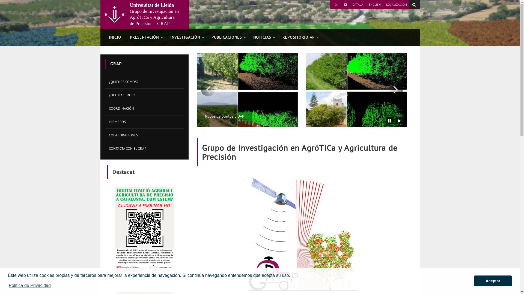 The height and width of the screenshot is (294, 524). What do you see at coordinates (299, 37) in the screenshot?
I see `'REPOSITORIO AP` at bounding box center [299, 37].